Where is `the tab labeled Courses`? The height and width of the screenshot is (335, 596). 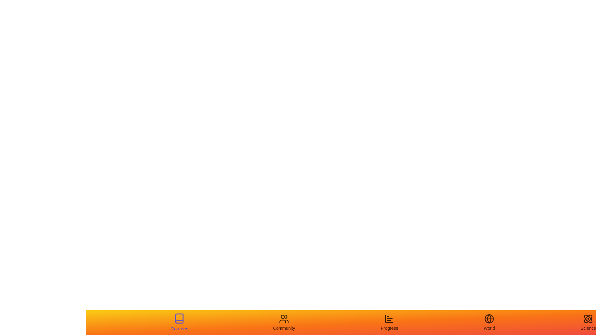
the tab labeled Courses is located at coordinates (178, 322).